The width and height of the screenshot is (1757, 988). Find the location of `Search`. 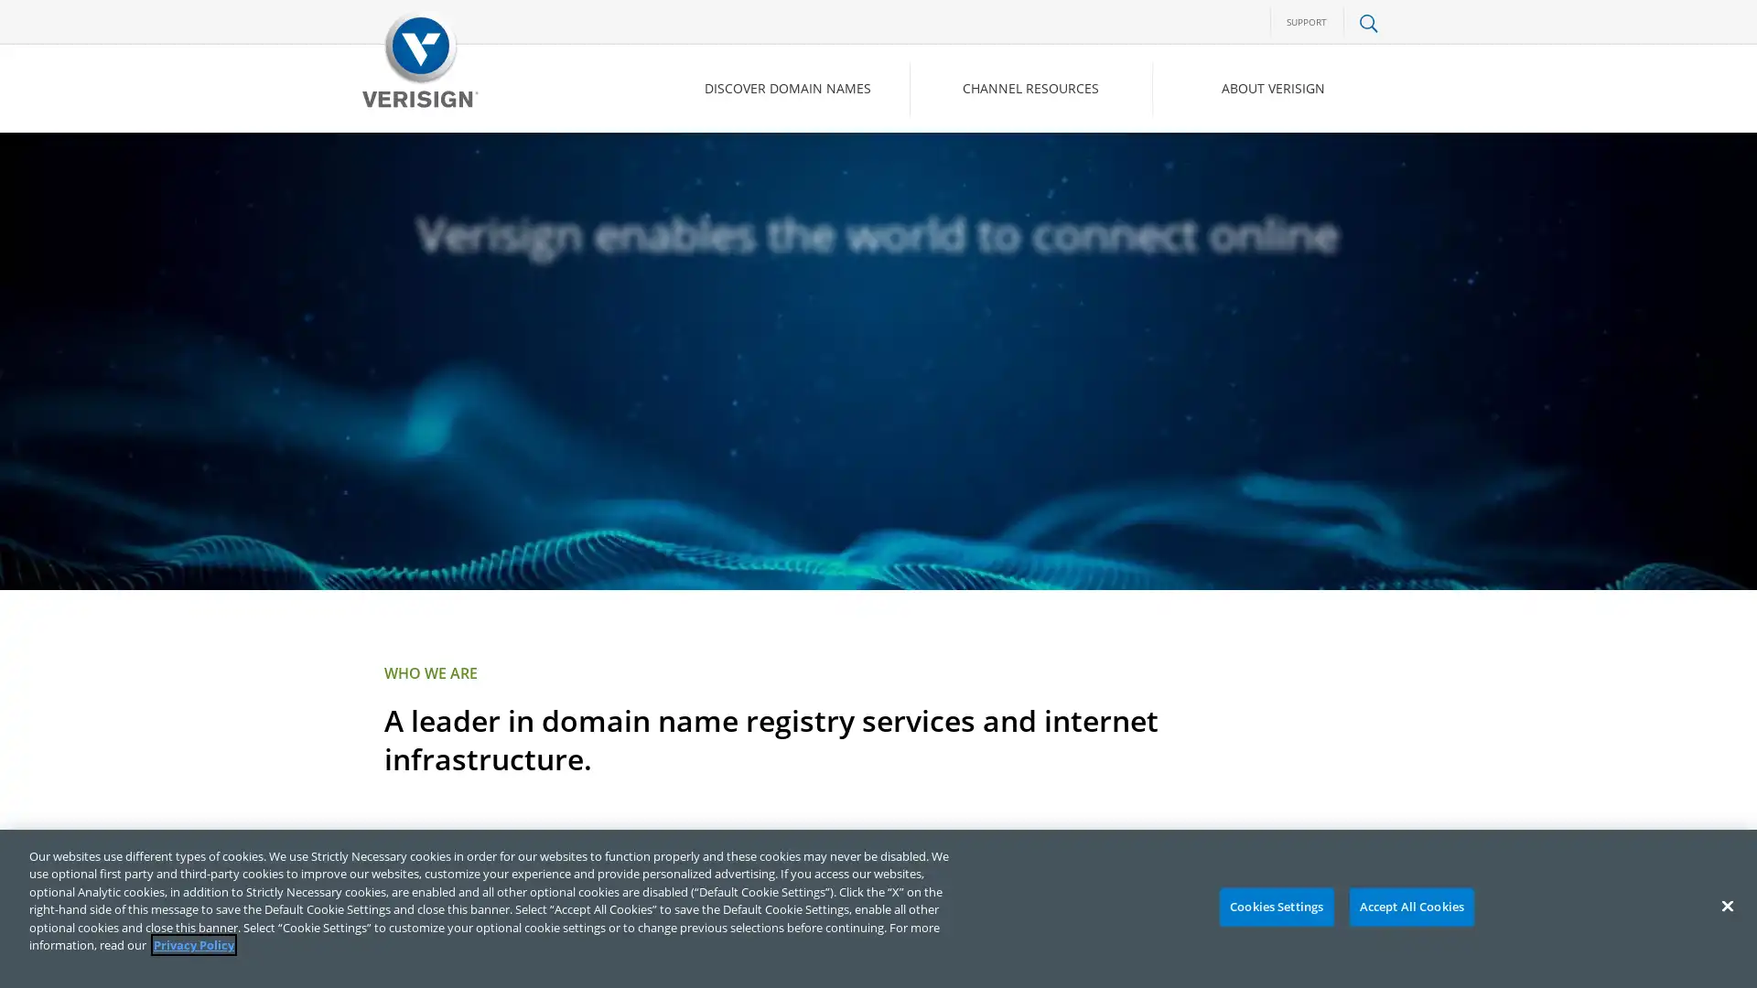

Search is located at coordinates (1221, 166).